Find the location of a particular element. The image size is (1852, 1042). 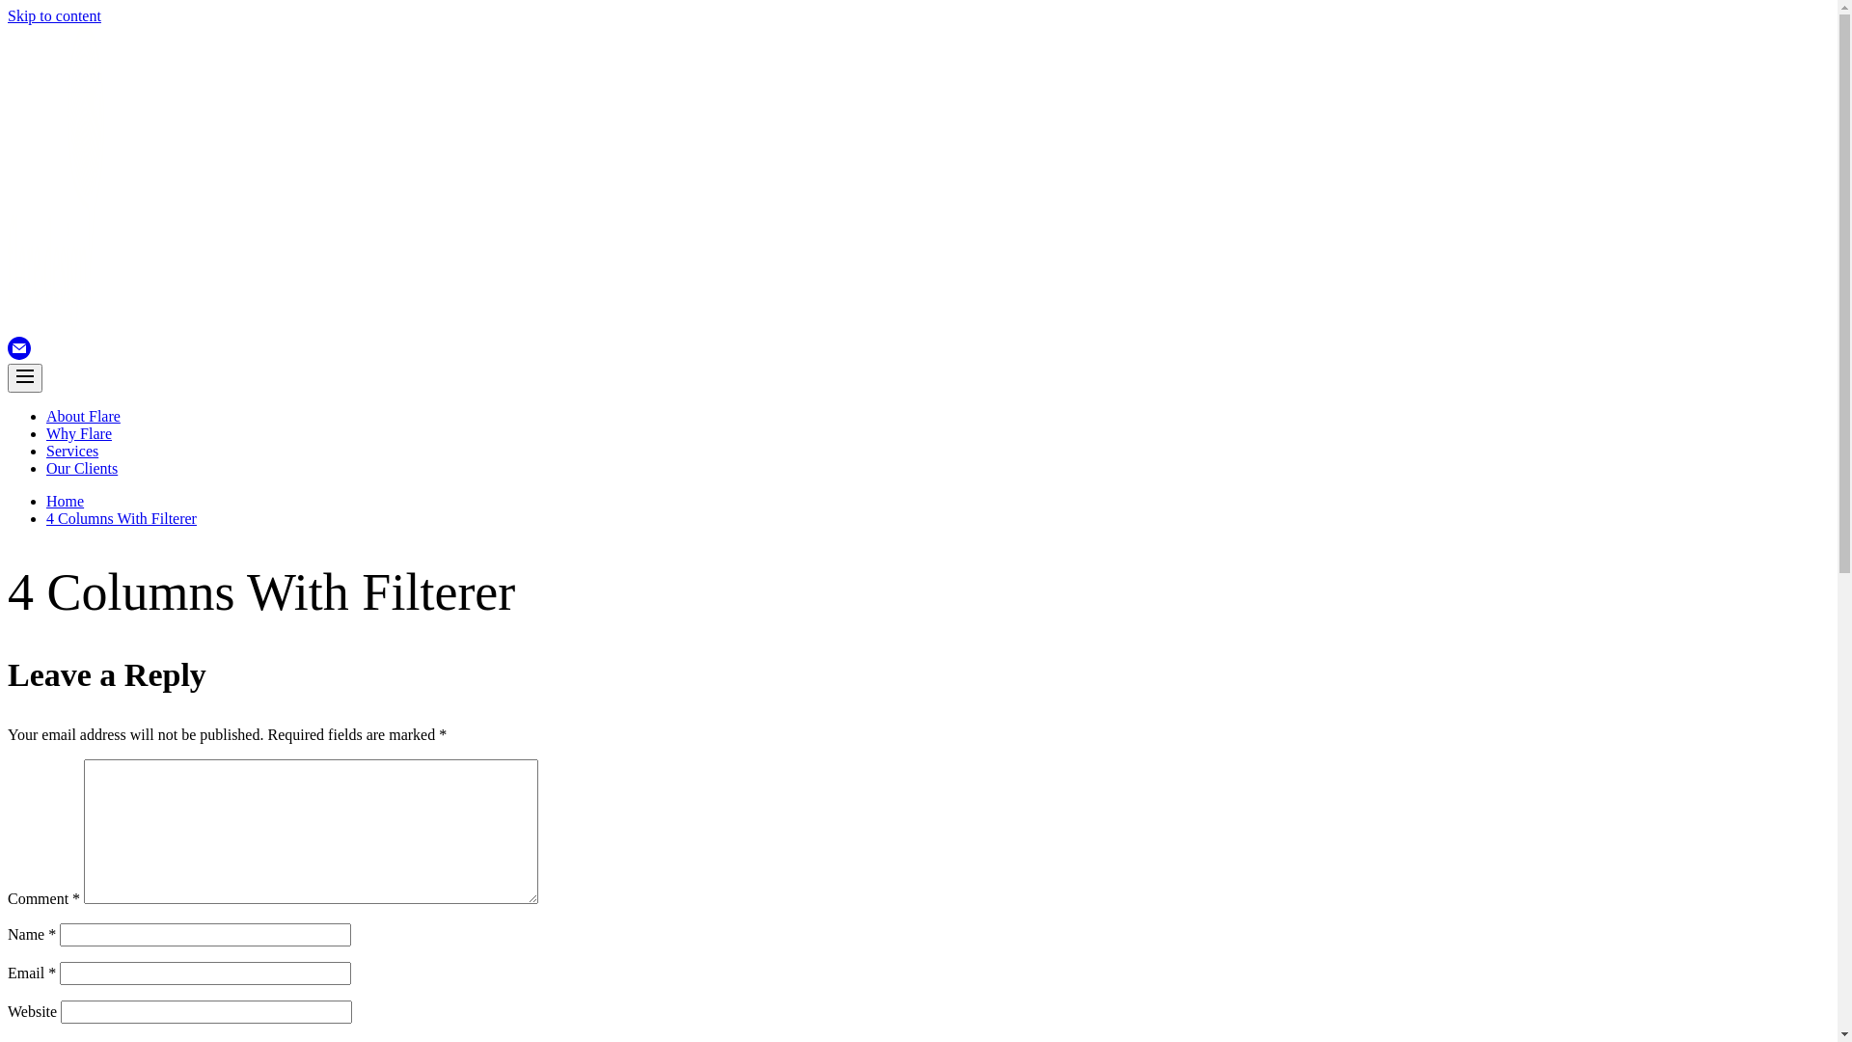

'Why Flare' is located at coordinates (77, 432).